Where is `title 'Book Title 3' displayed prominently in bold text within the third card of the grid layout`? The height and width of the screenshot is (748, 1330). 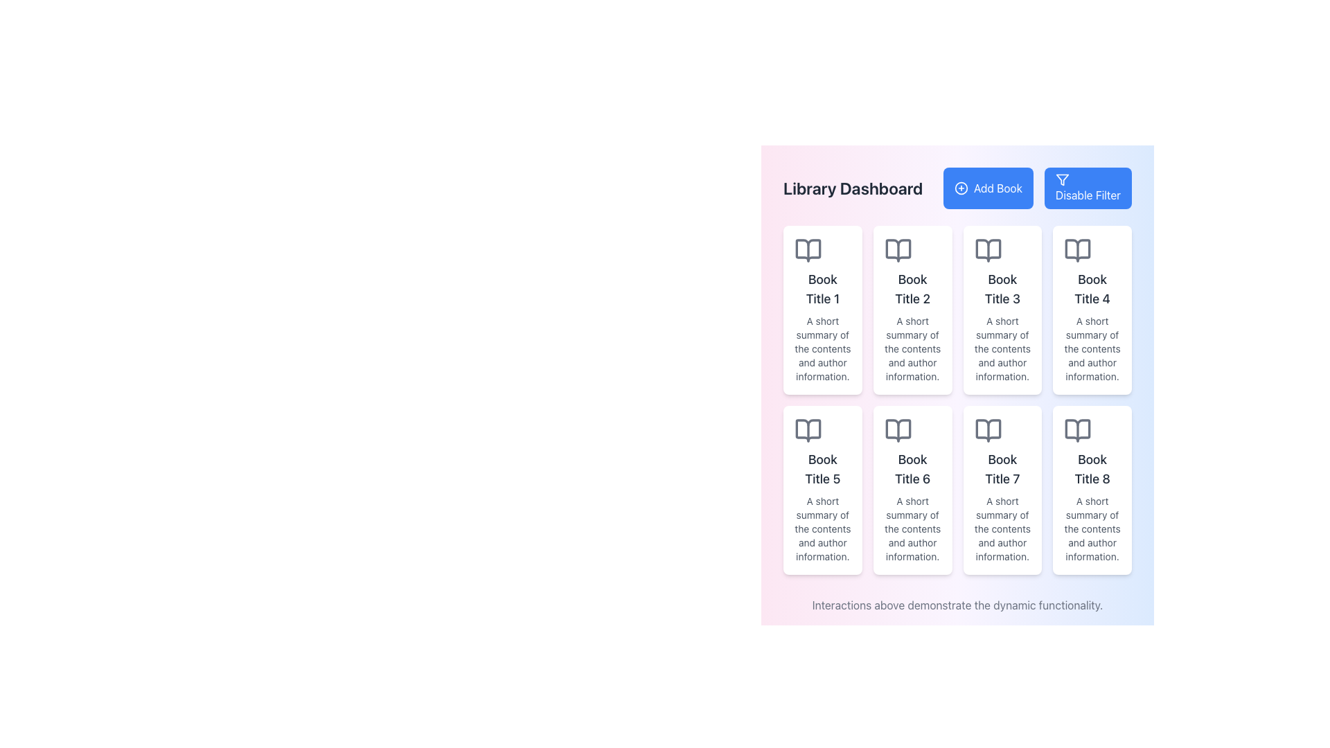 title 'Book Title 3' displayed prominently in bold text within the third card of the grid layout is located at coordinates (1002, 288).